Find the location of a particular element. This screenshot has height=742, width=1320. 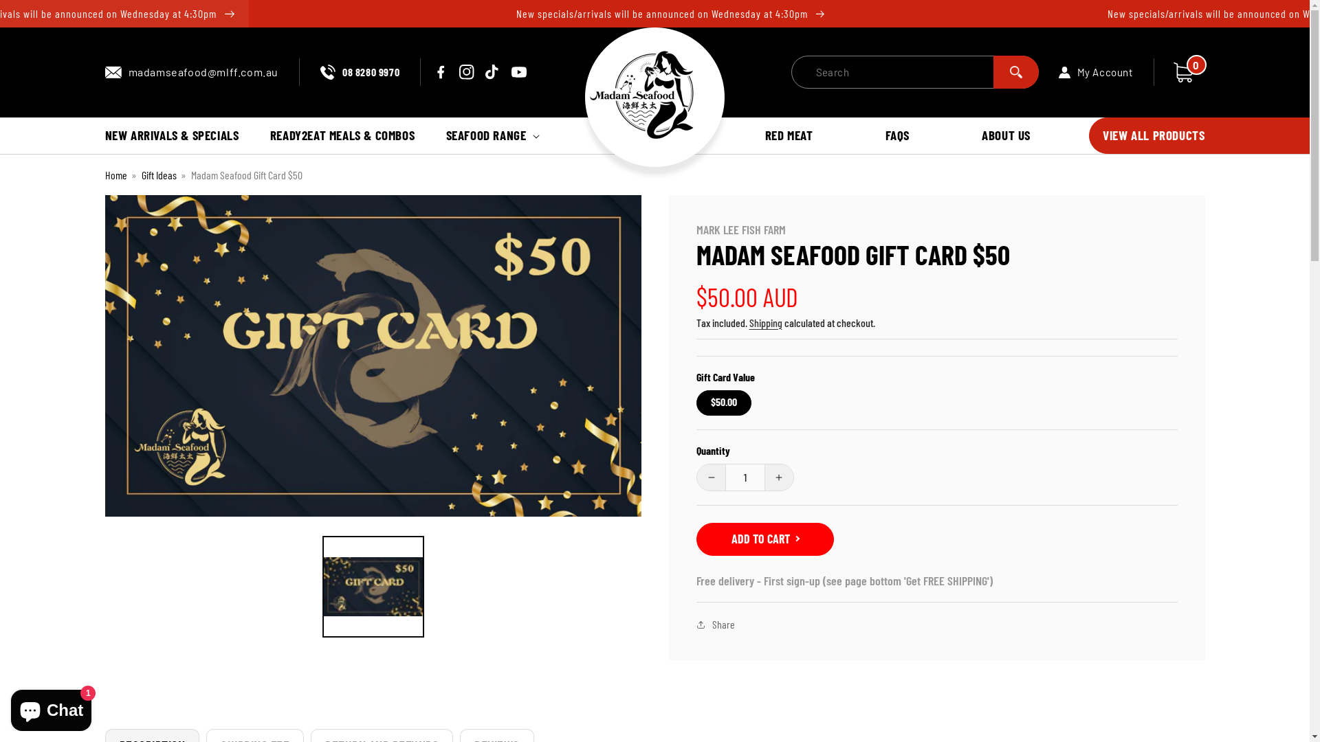

'Cart is located at coordinates (1181, 71).